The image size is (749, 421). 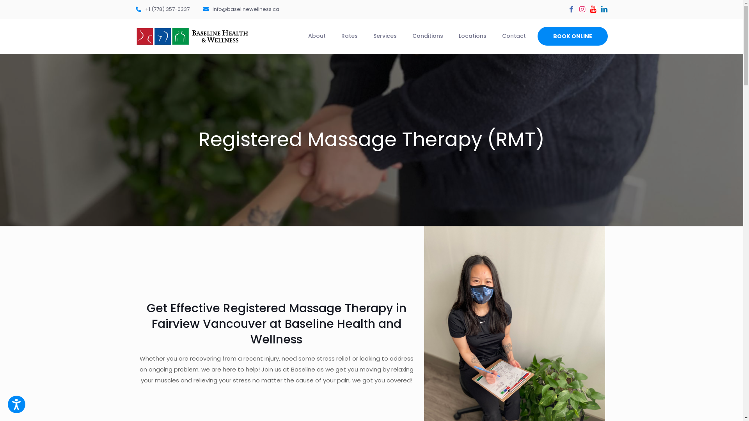 I want to click on 'Conditions', so click(x=427, y=36).